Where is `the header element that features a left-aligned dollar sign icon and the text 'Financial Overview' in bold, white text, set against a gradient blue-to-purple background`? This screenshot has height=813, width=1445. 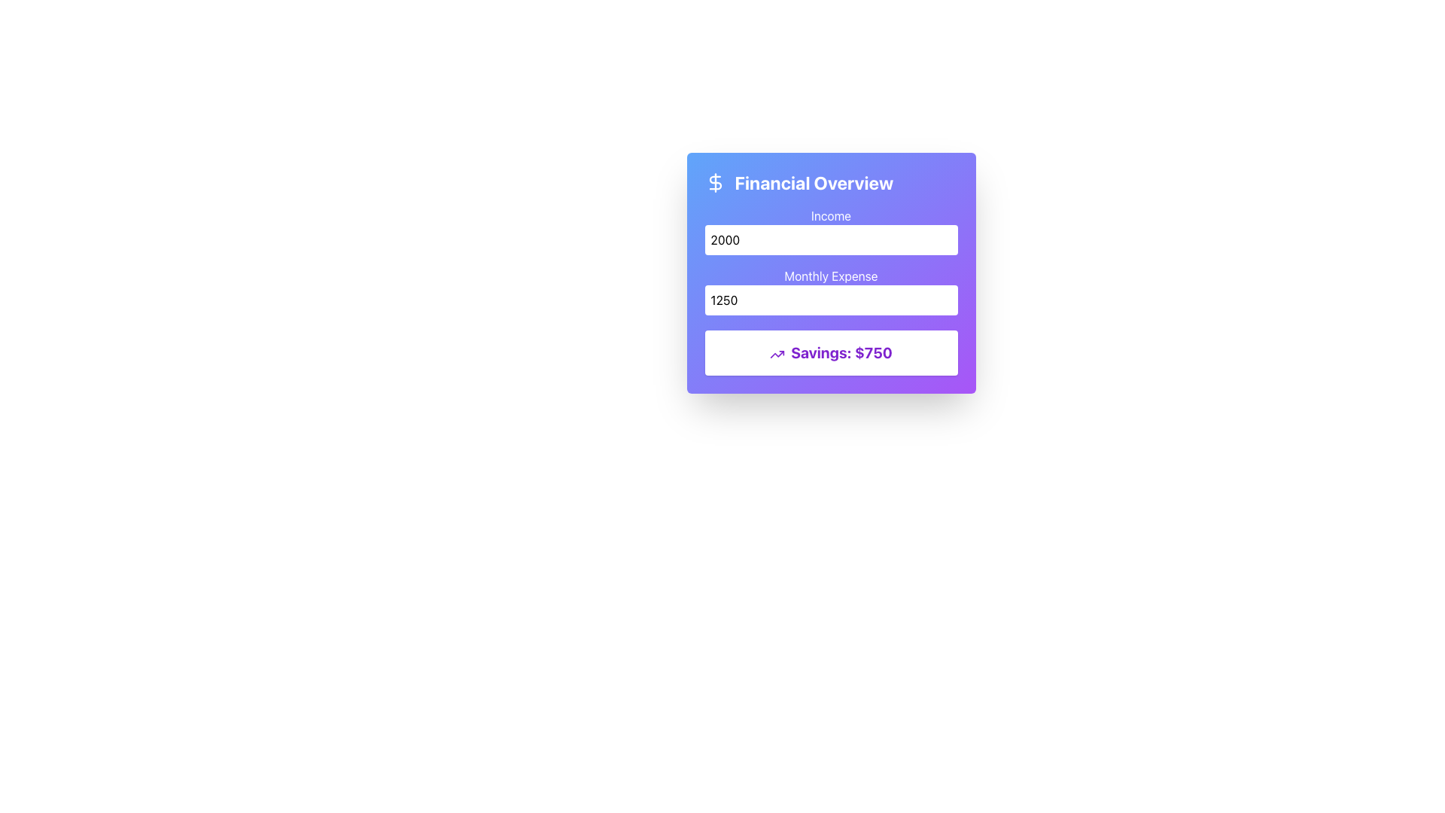
the header element that features a left-aligned dollar sign icon and the text 'Financial Overview' in bold, white text, set against a gradient blue-to-purple background is located at coordinates (830, 182).